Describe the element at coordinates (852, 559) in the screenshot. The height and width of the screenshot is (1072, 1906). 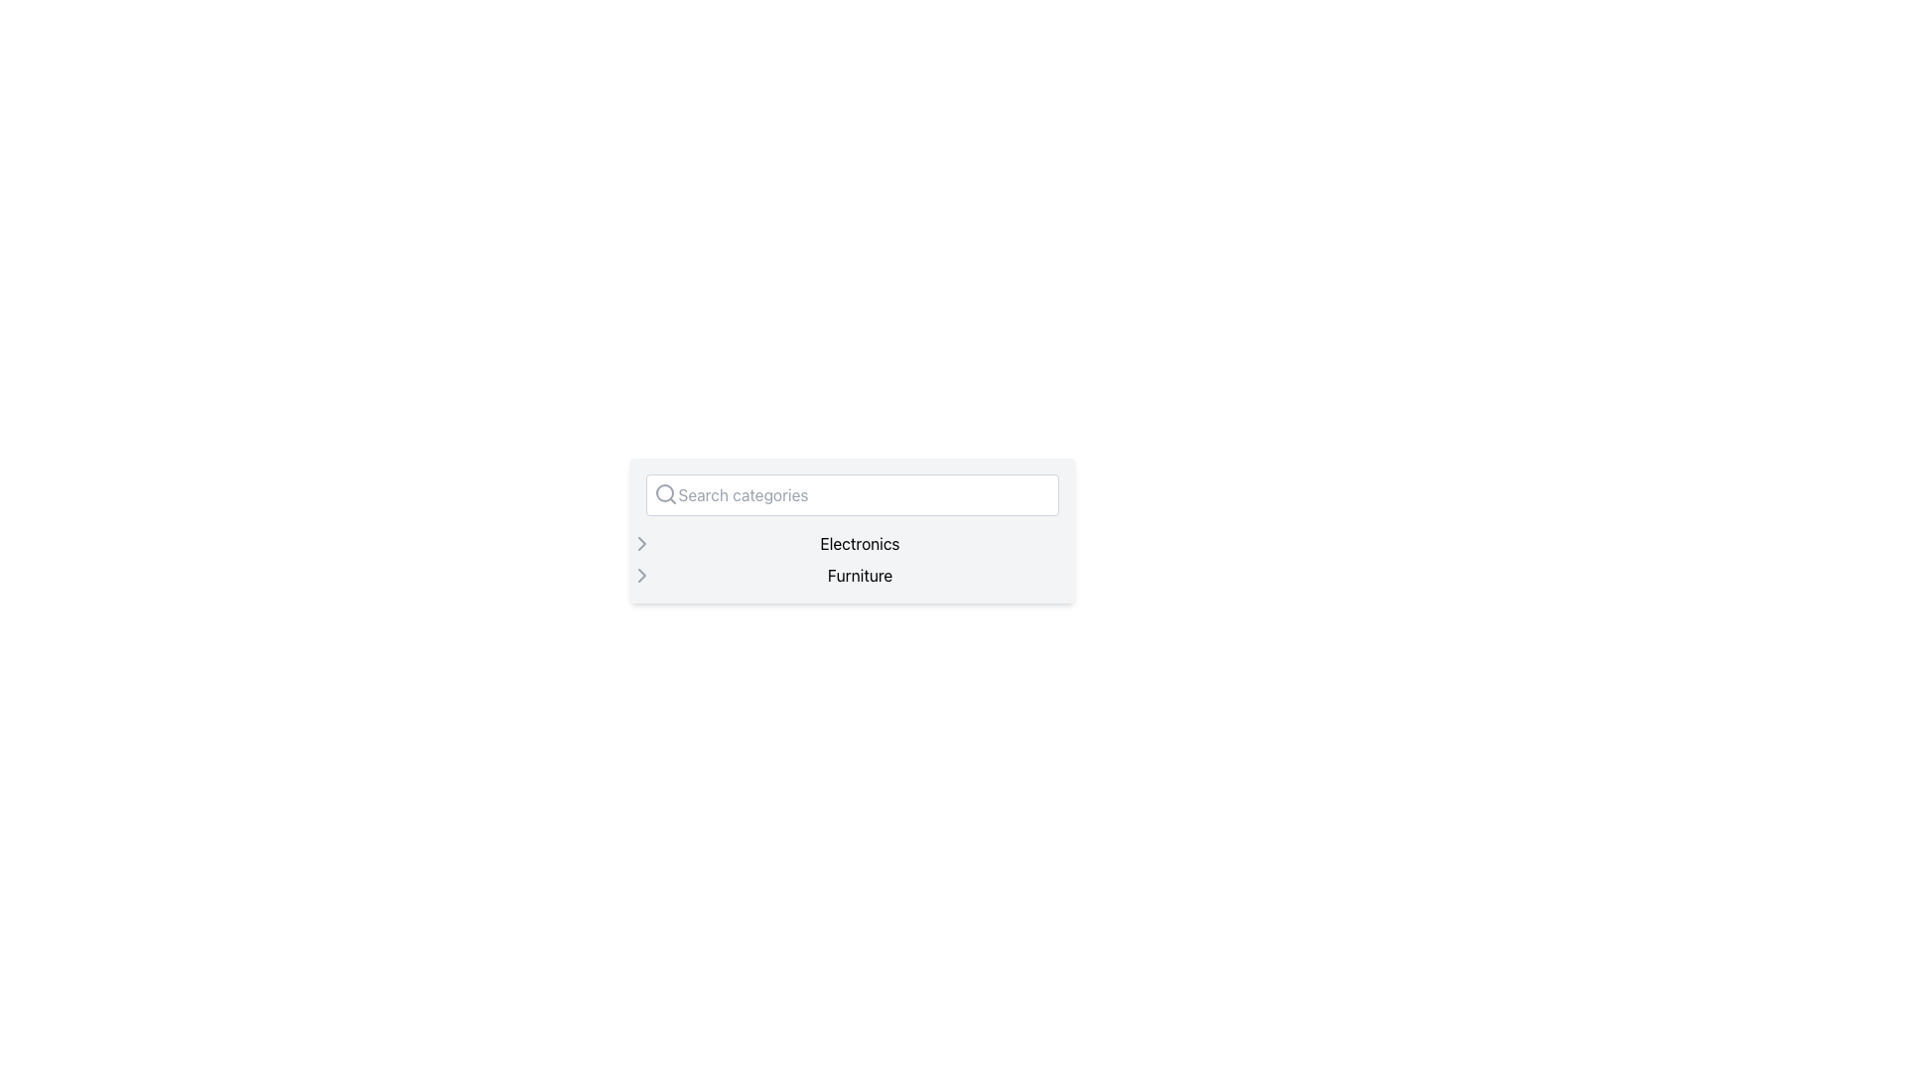
I see `the 'Electronics' or 'Furniture' category in the list displayed below the search input field` at that location.